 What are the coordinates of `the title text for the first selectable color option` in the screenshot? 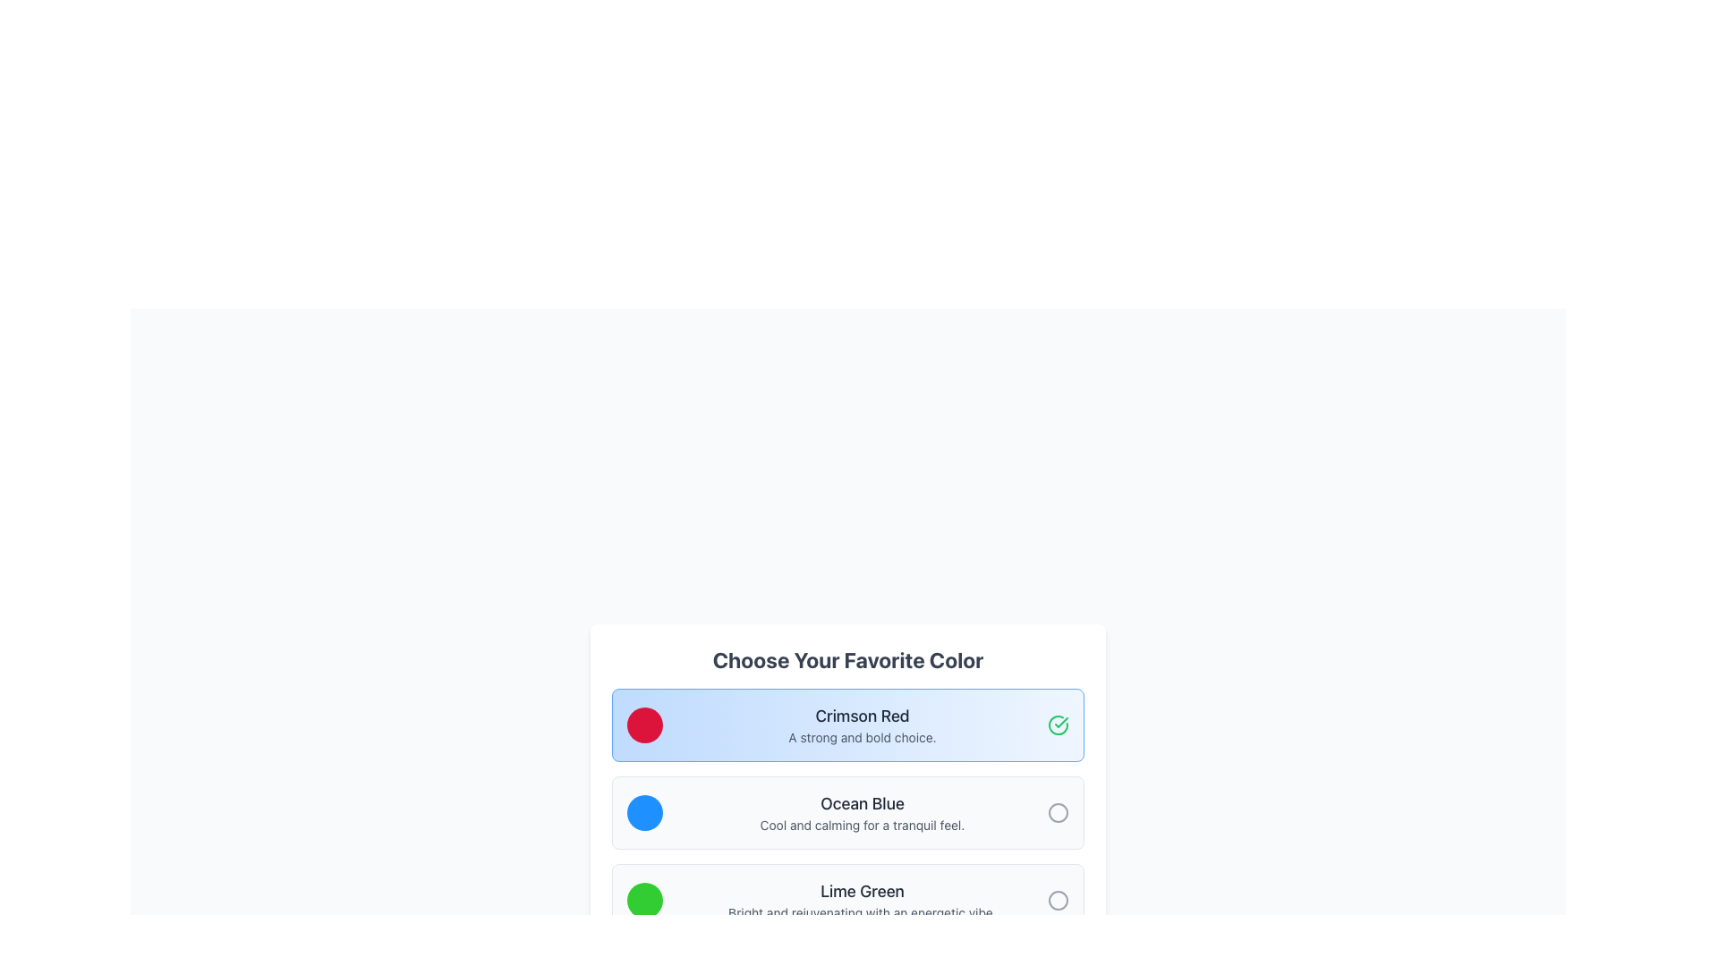 It's located at (863, 716).